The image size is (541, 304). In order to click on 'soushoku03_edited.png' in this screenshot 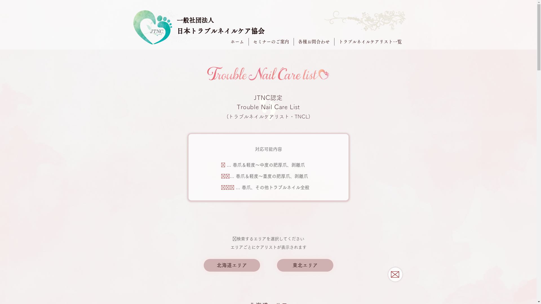, I will do `click(365, 20)`.